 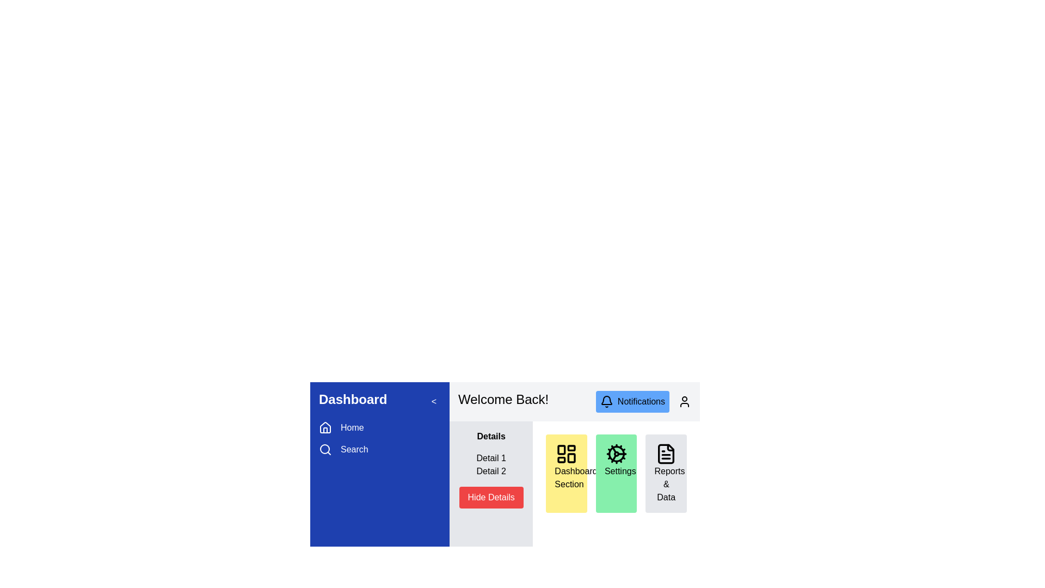 What do you see at coordinates (379, 438) in the screenshot?
I see `the 'Search' row in the sidebar navigation menu` at bounding box center [379, 438].